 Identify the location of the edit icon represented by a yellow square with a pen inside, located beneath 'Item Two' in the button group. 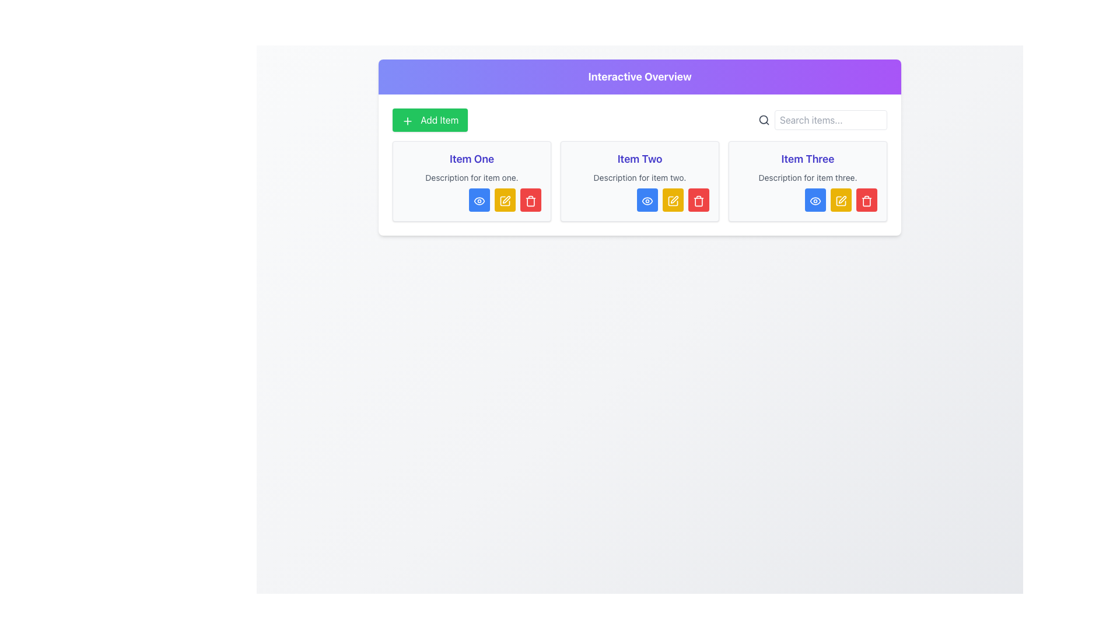
(673, 199).